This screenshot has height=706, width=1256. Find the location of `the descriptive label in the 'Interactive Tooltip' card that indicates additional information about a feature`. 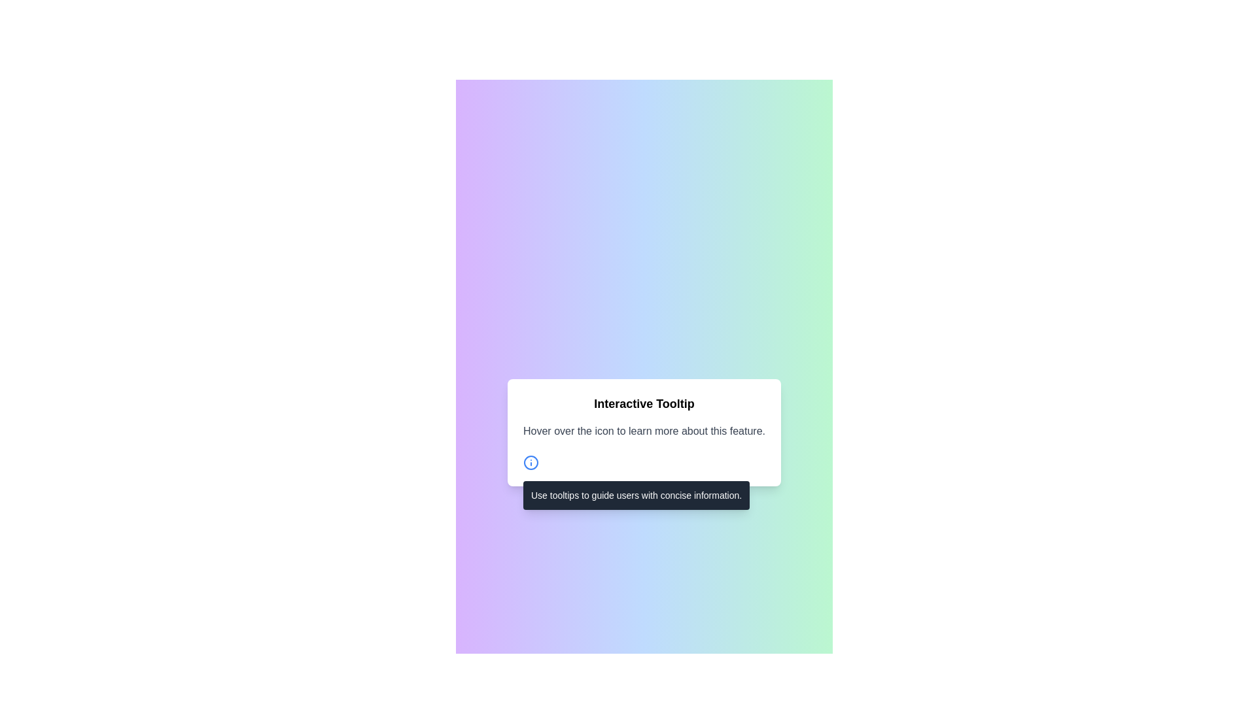

the descriptive label in the 'Interactive Tooltip' card that indicates additional information about a feature is located at coordinates (644, 431).